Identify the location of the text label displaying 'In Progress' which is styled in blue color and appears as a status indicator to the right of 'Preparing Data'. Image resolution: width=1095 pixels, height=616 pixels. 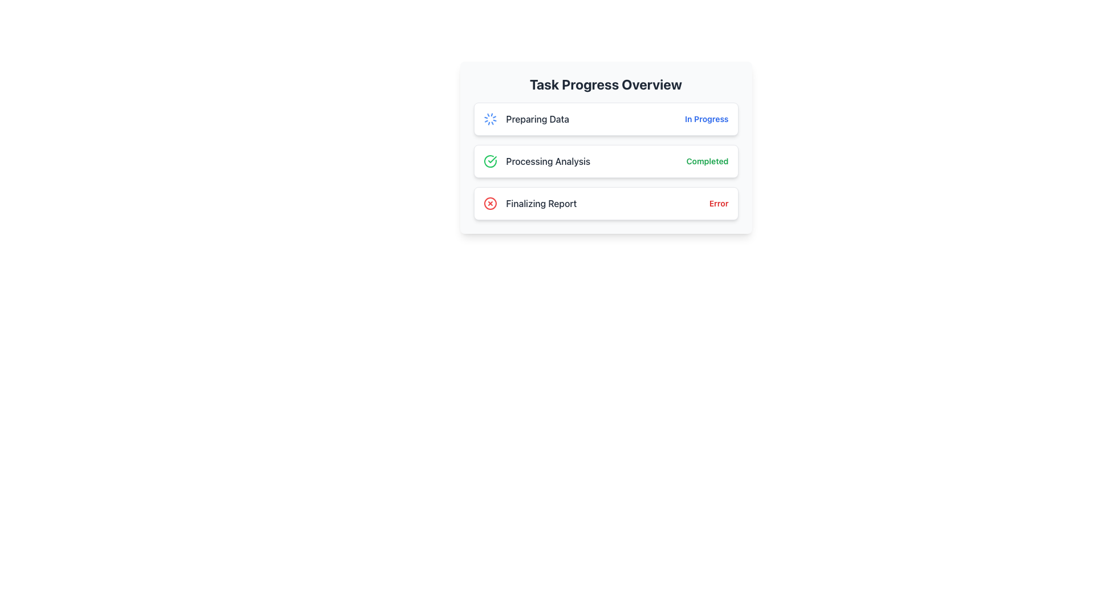
(706, 119).